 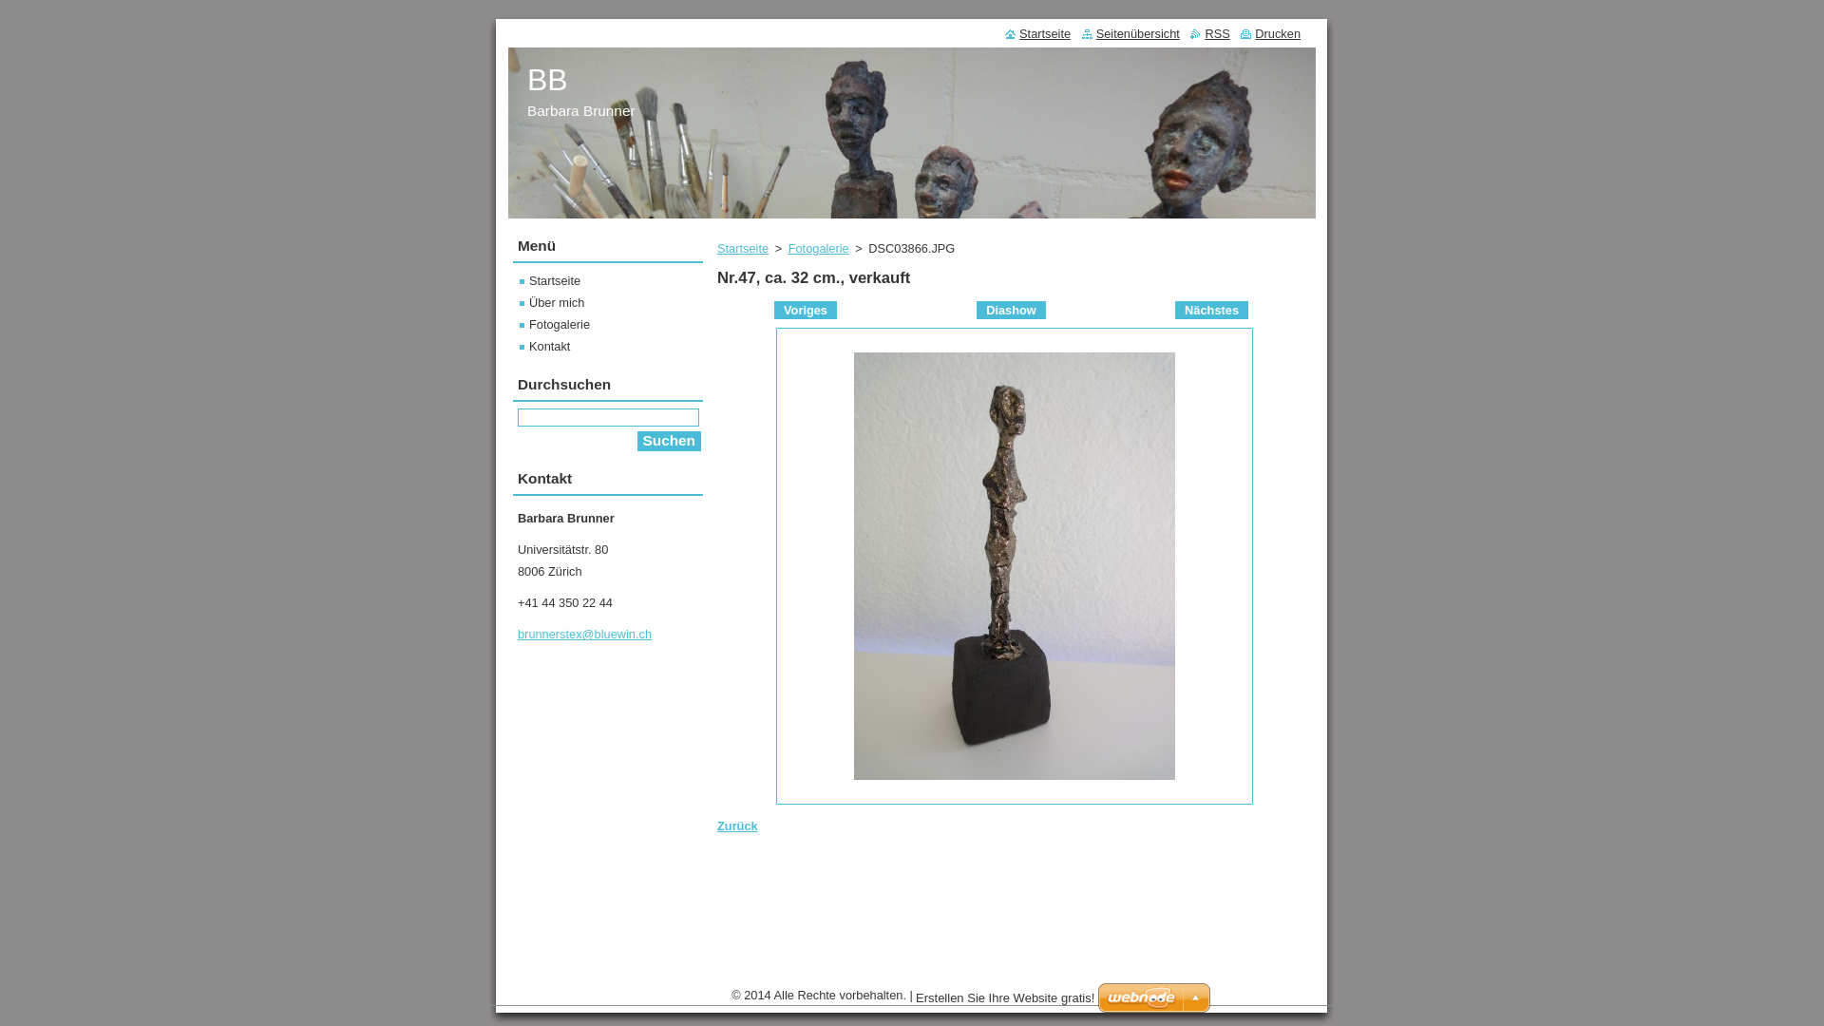 I want to click on 'BB', so click(x=546, y=79).